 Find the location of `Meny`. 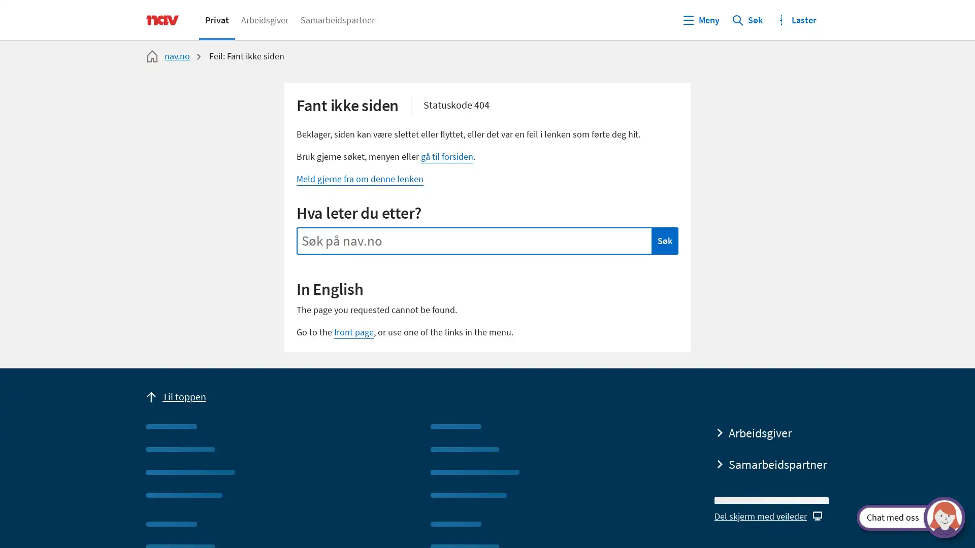

Meny is located at coordinates (700, 19).